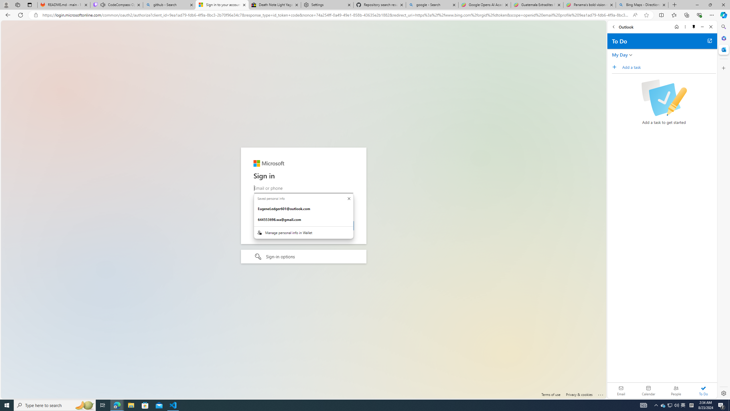  Describe the element at coordinates (102, 4) in the screenshot. I see `'Mute tab'` at that location.